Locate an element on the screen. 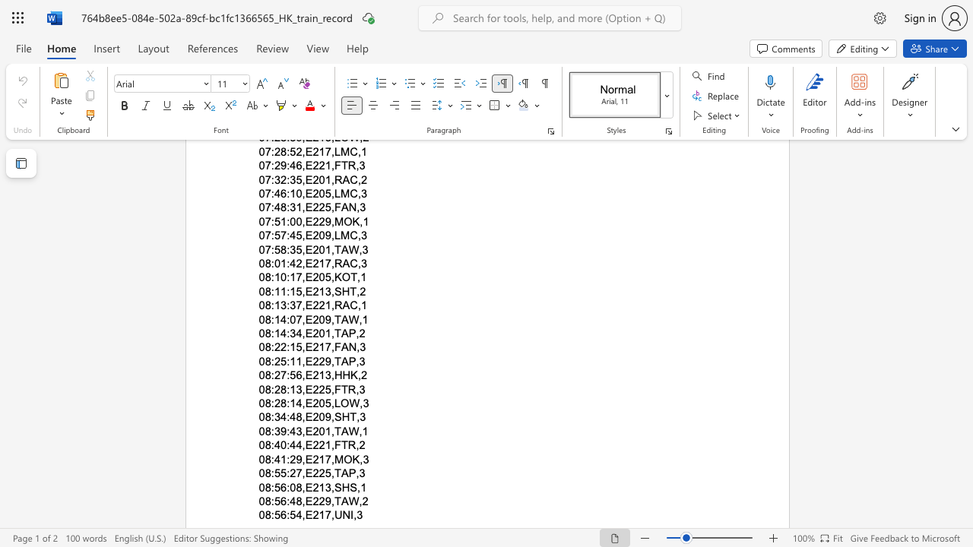  the space between the continuous character "8" and "," in the text is located at coordinates (301, 487).